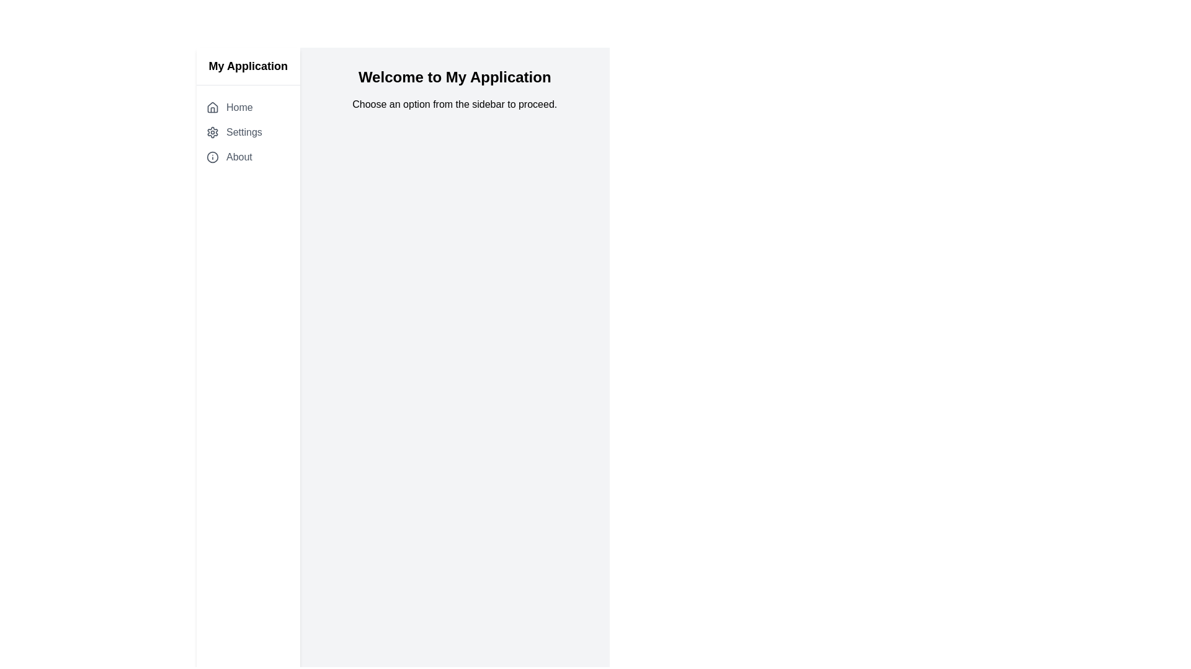 The width and height of the screenshot is (1191, 669). I want to click on the third navigation link in the vertically stacked menu on the left sidebar, so click(248, 157).